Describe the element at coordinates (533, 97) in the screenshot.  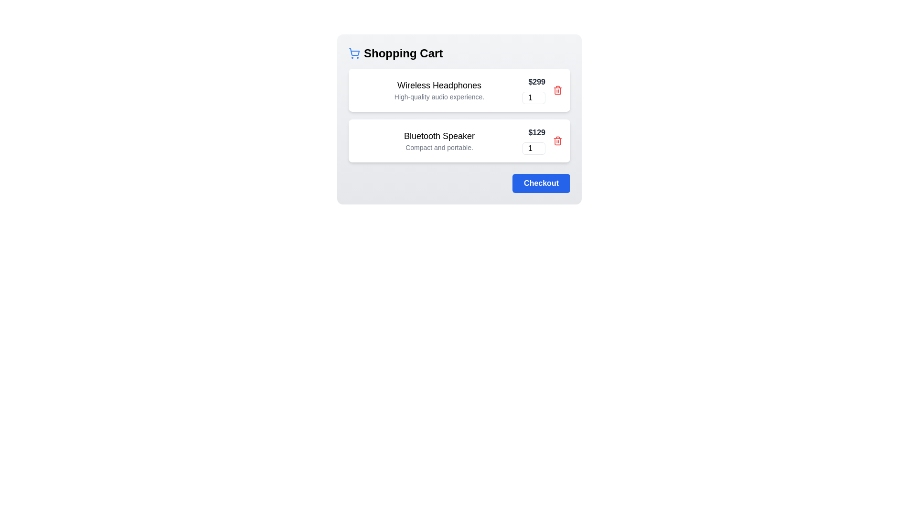
I see `the quantity of the item to 3 by interacting with the input field` at that location.